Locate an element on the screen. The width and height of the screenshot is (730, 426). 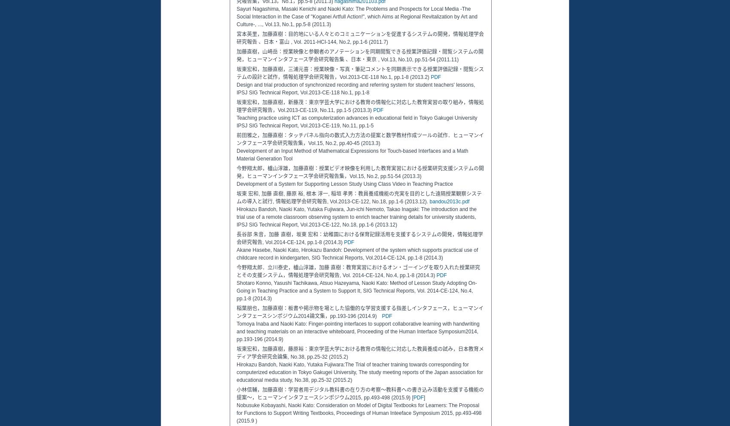
'bandou2013c.pdf' is located at coordinates (449, 201).